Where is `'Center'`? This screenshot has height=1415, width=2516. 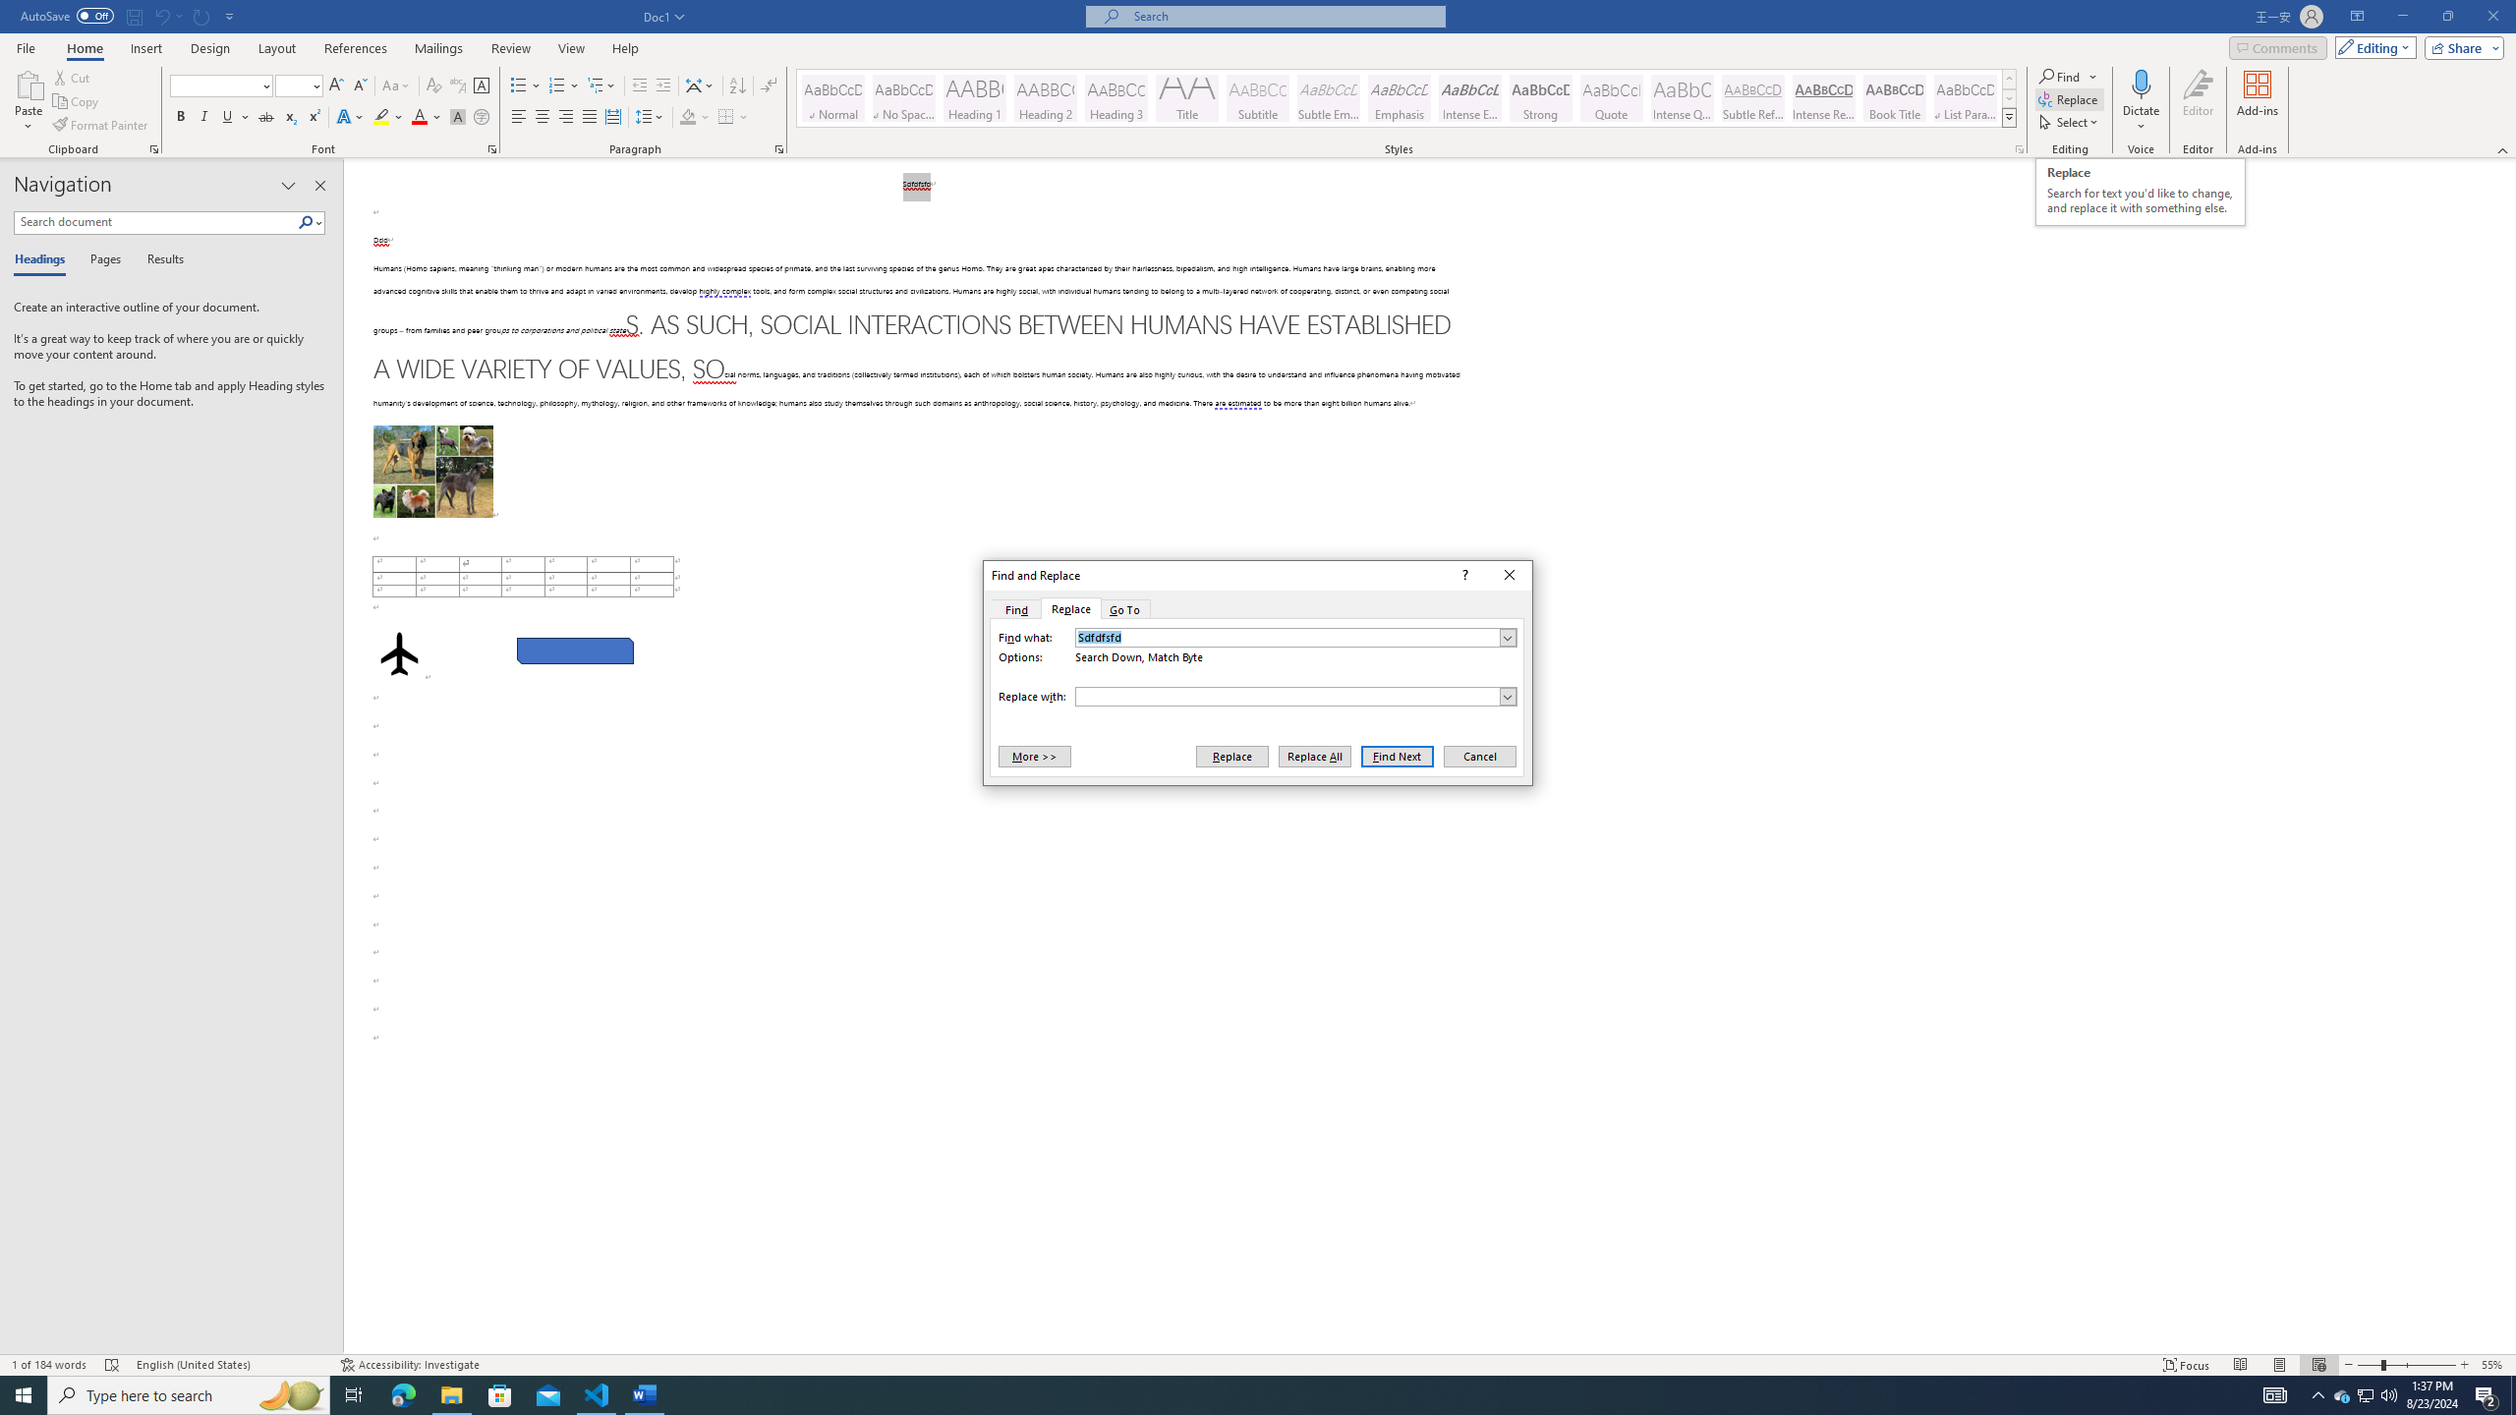
'Center' is located at coordinates (541, 116).